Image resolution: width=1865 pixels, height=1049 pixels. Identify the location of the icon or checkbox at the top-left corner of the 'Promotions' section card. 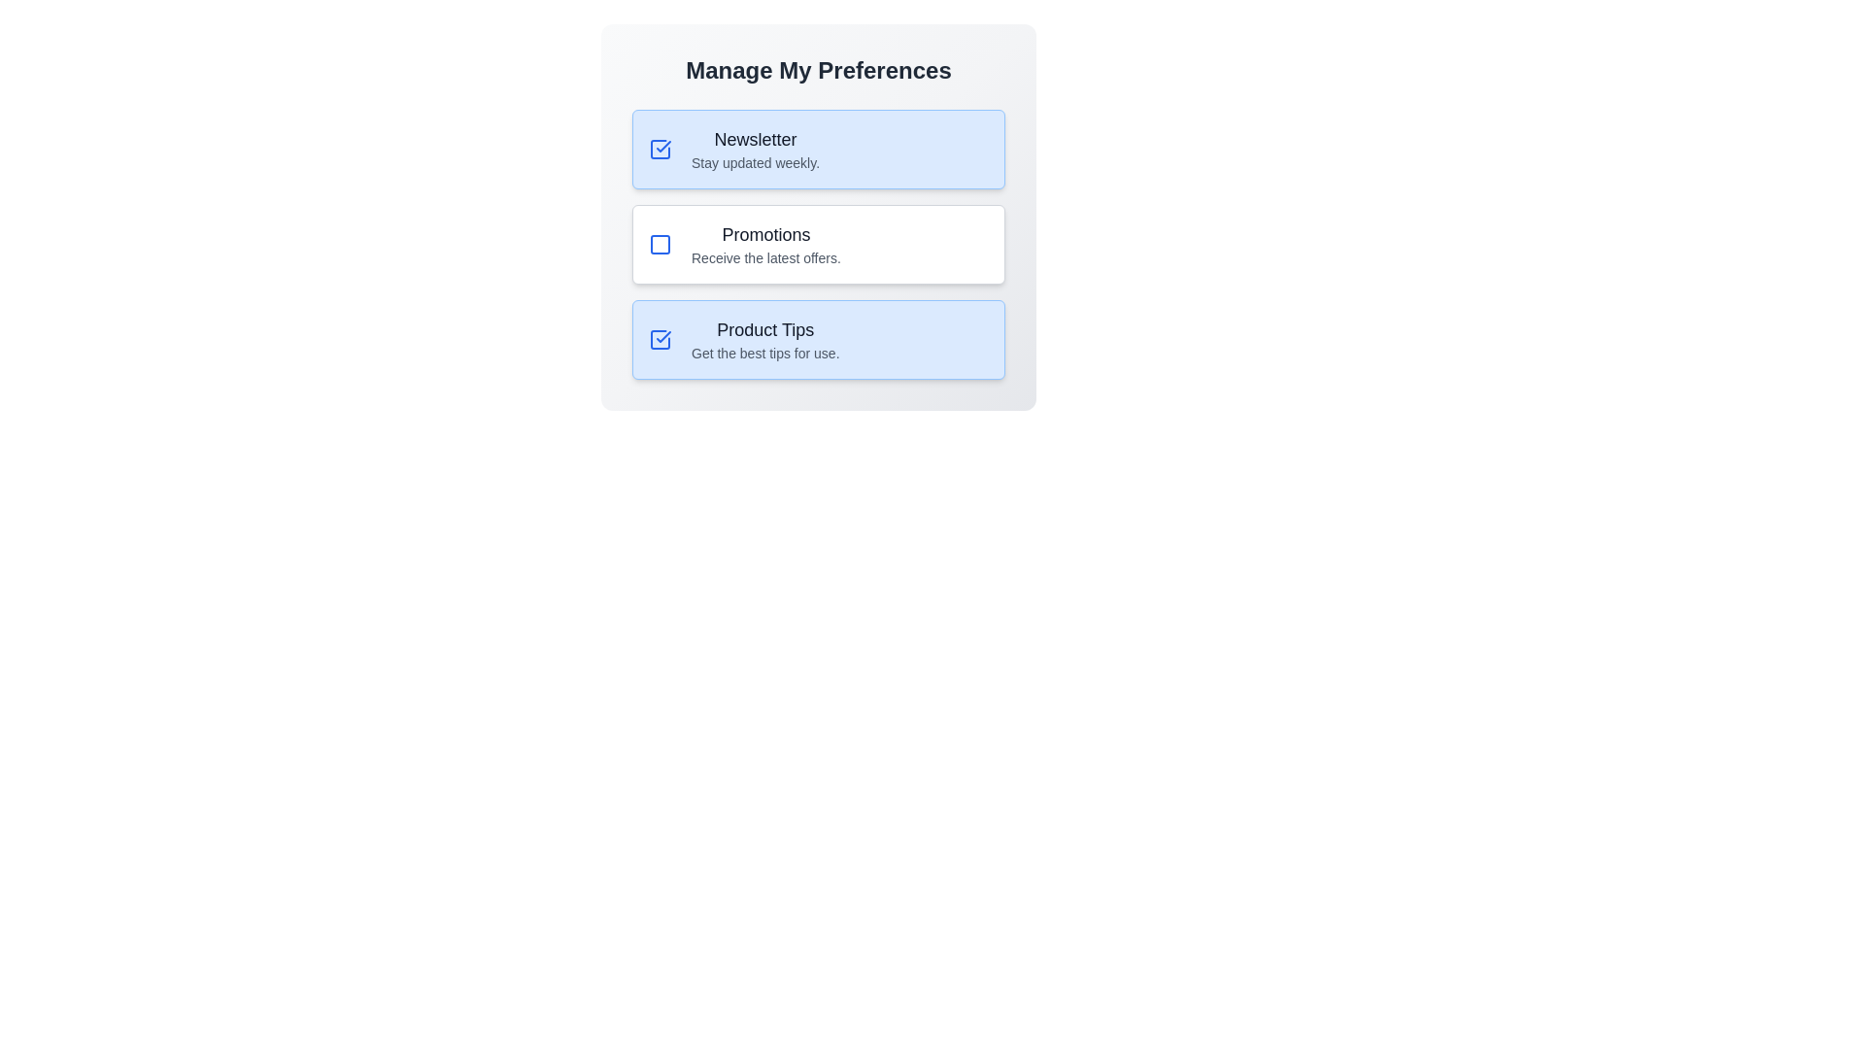
(661, 243).